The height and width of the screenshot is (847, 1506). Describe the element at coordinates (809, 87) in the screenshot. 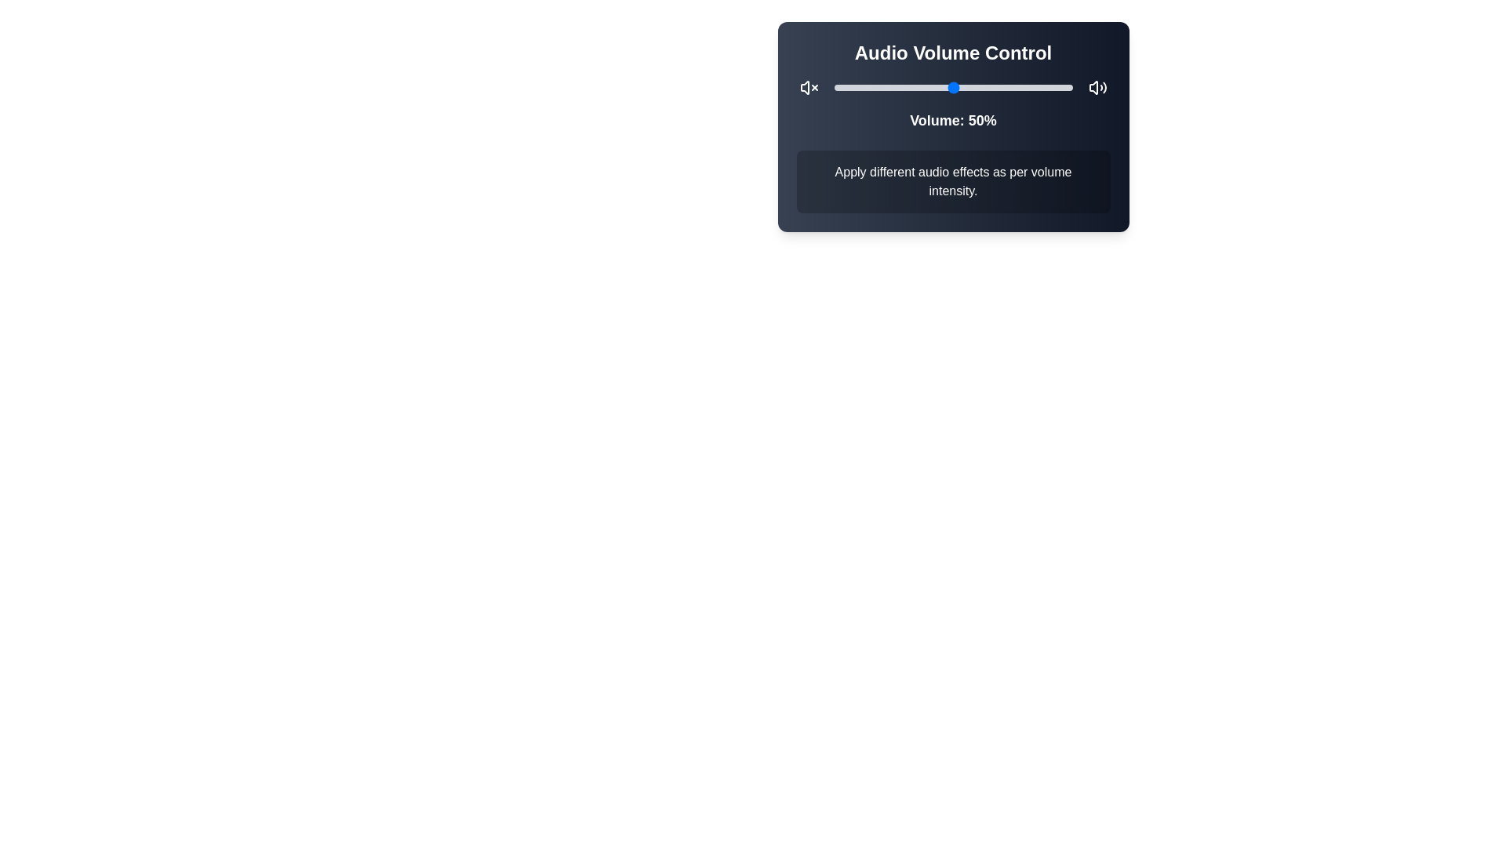

I see `the mute icon to mute the audio` at that location.